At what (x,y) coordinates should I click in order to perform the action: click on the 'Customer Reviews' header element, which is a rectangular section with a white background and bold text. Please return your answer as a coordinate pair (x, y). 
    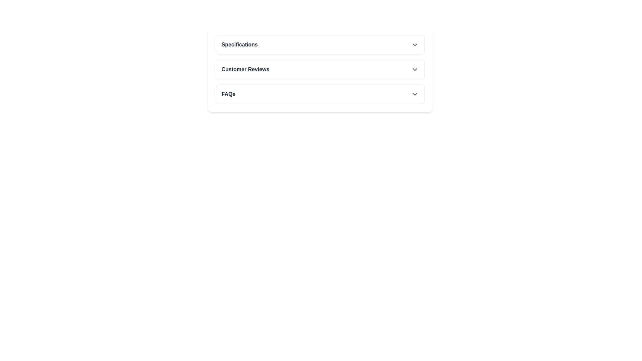
    Looking at the image, I should click on (320, 70).